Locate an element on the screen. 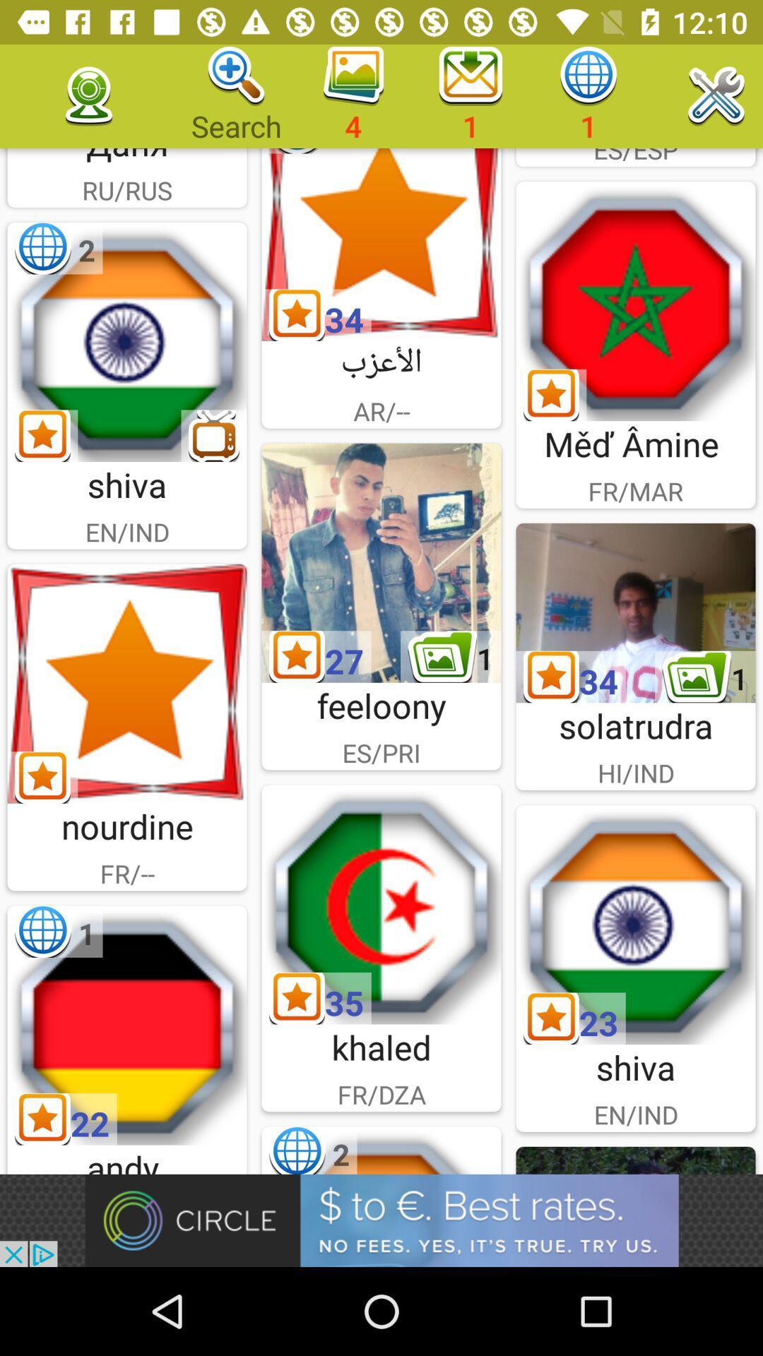 The image size is (763, 1356). chatroom is located at coordinates (127, 1025).